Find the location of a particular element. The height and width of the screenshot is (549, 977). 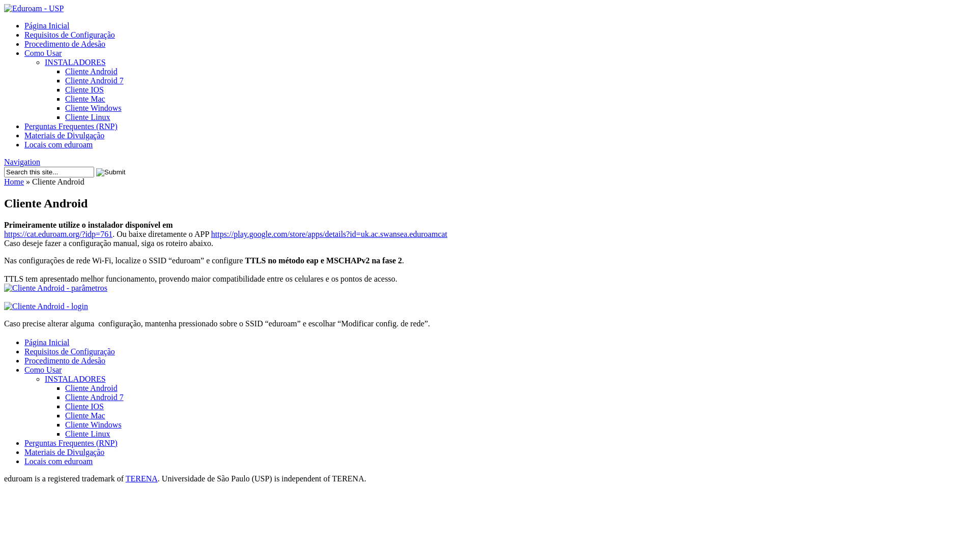

'Home' is located at coordinates (4, 181).